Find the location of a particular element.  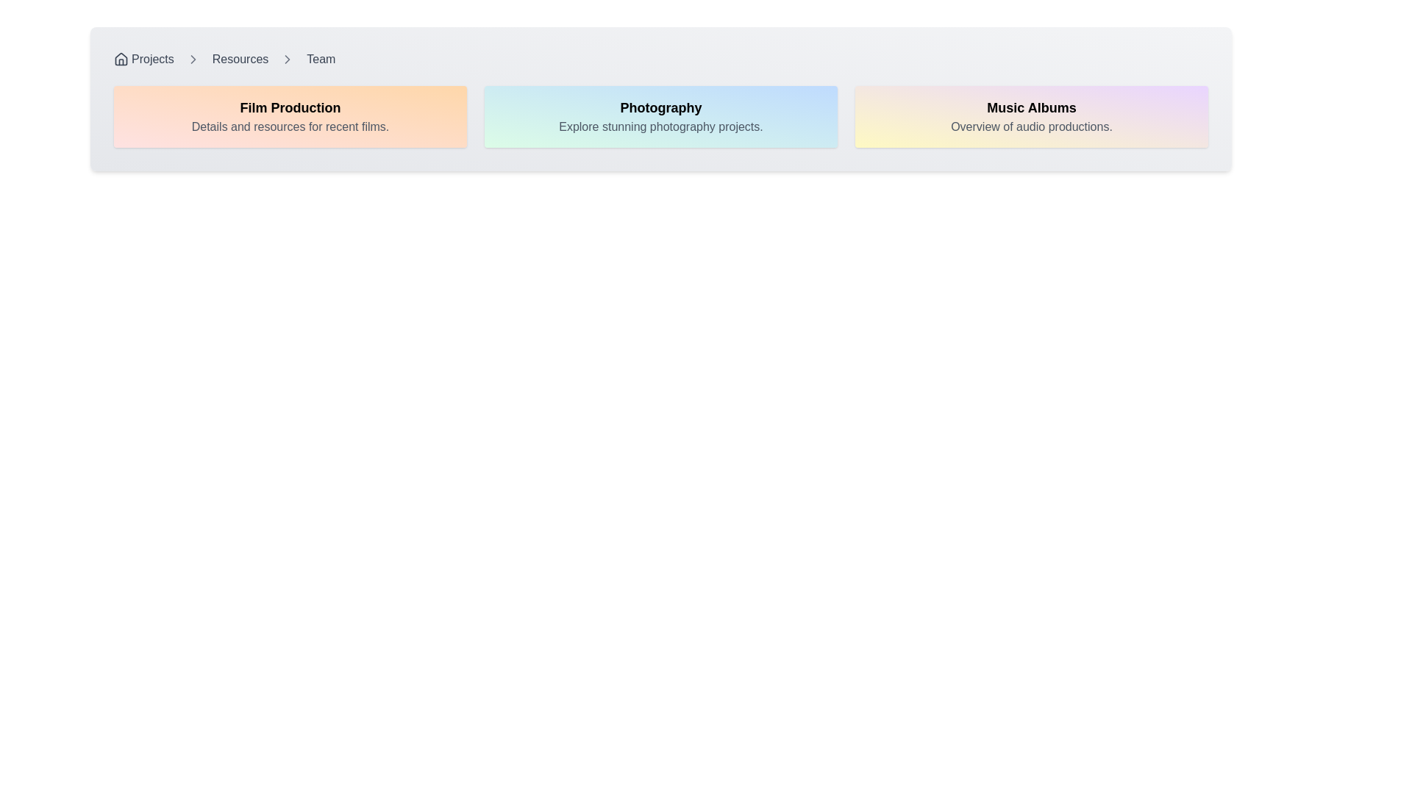

the small right-pointing gray chevron icon that separates 'Projects' and 'Resources' in the breadcrumb navigation is located at coordinates (192, 59).